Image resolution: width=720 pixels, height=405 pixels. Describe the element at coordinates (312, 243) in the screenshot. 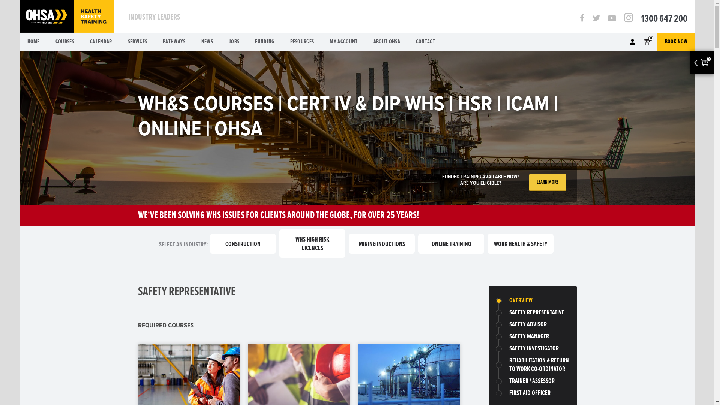

I see `'WHS HIGH RISK LICENCES'` at that location.